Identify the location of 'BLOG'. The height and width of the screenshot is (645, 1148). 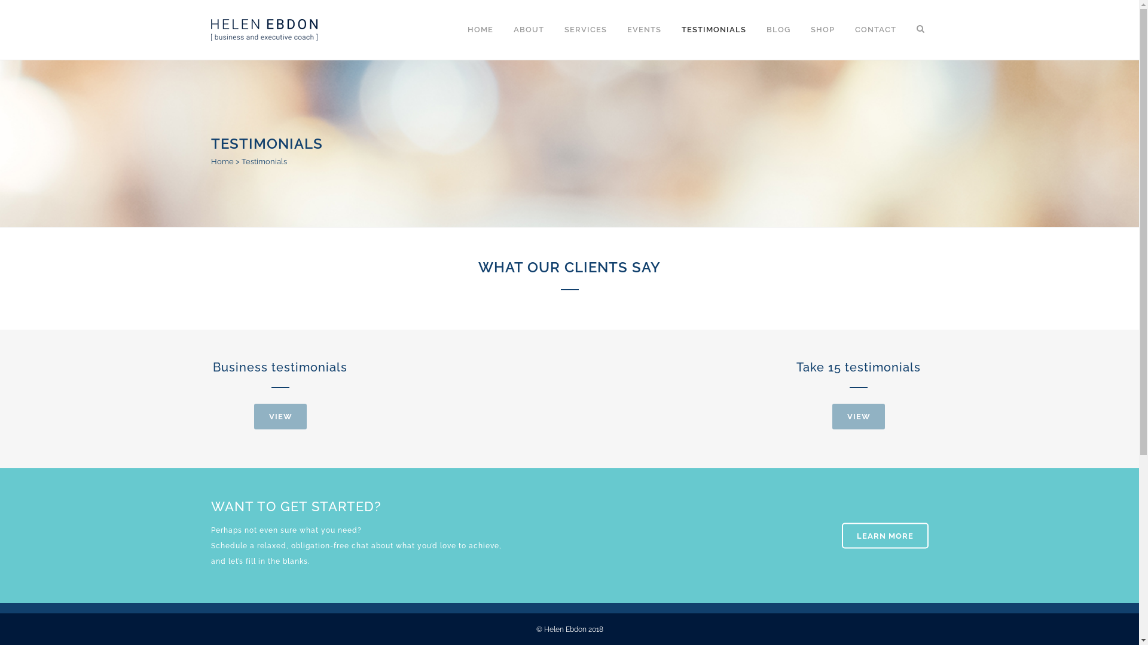
(777, 29).